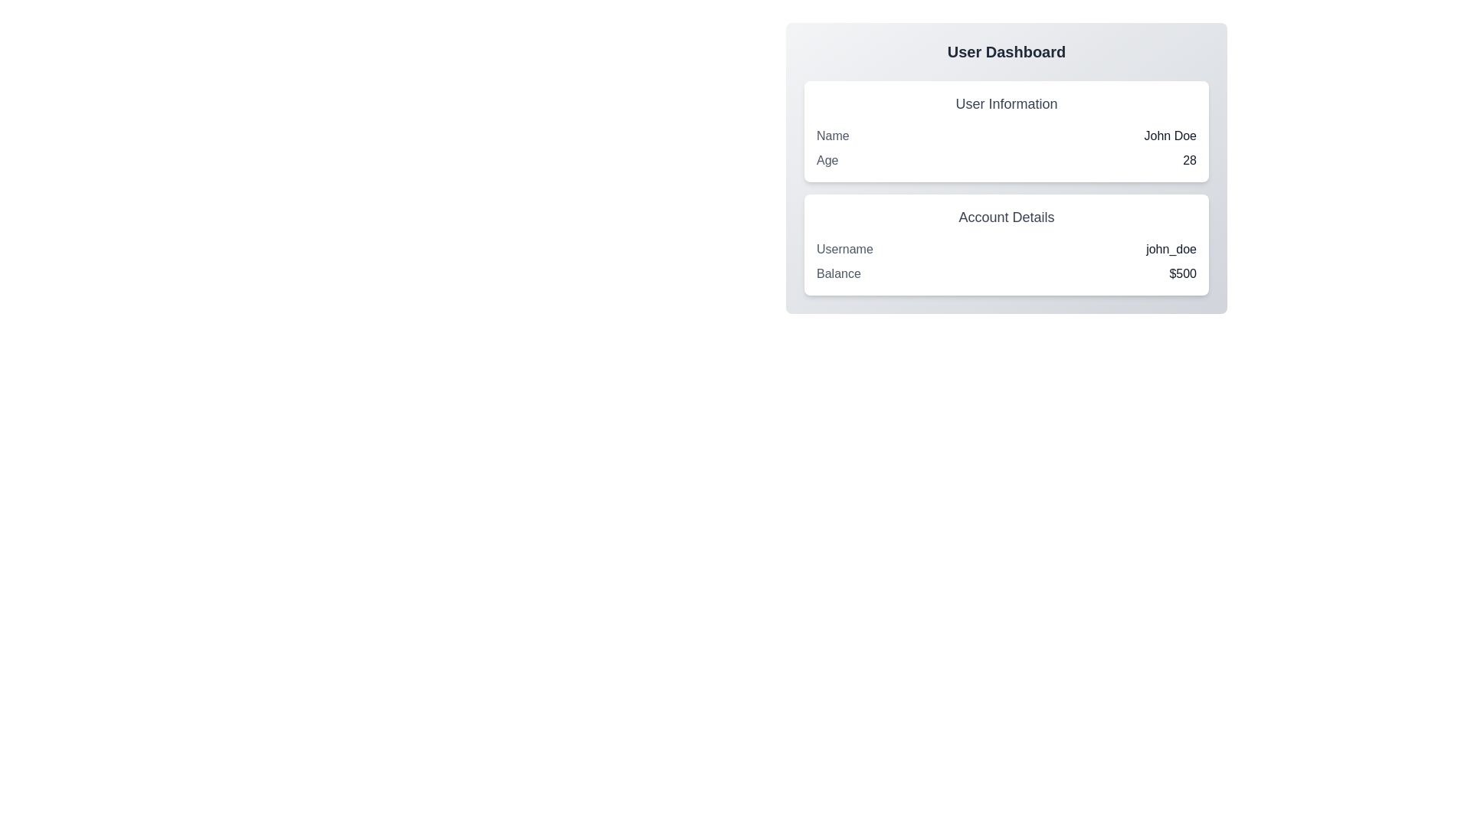  Describe the element at coordinates (844, 249) in the screenshot. I see `the 'Username' text label located at the leftmost part of the 'Account Details' section` at that location.